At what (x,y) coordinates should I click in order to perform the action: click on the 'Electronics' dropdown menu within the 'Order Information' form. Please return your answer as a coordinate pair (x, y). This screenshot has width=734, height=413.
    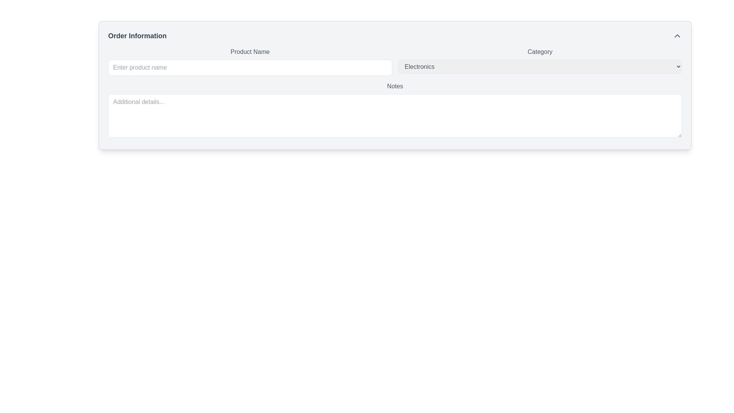
    Looking at the image, I should click on (539, 66).